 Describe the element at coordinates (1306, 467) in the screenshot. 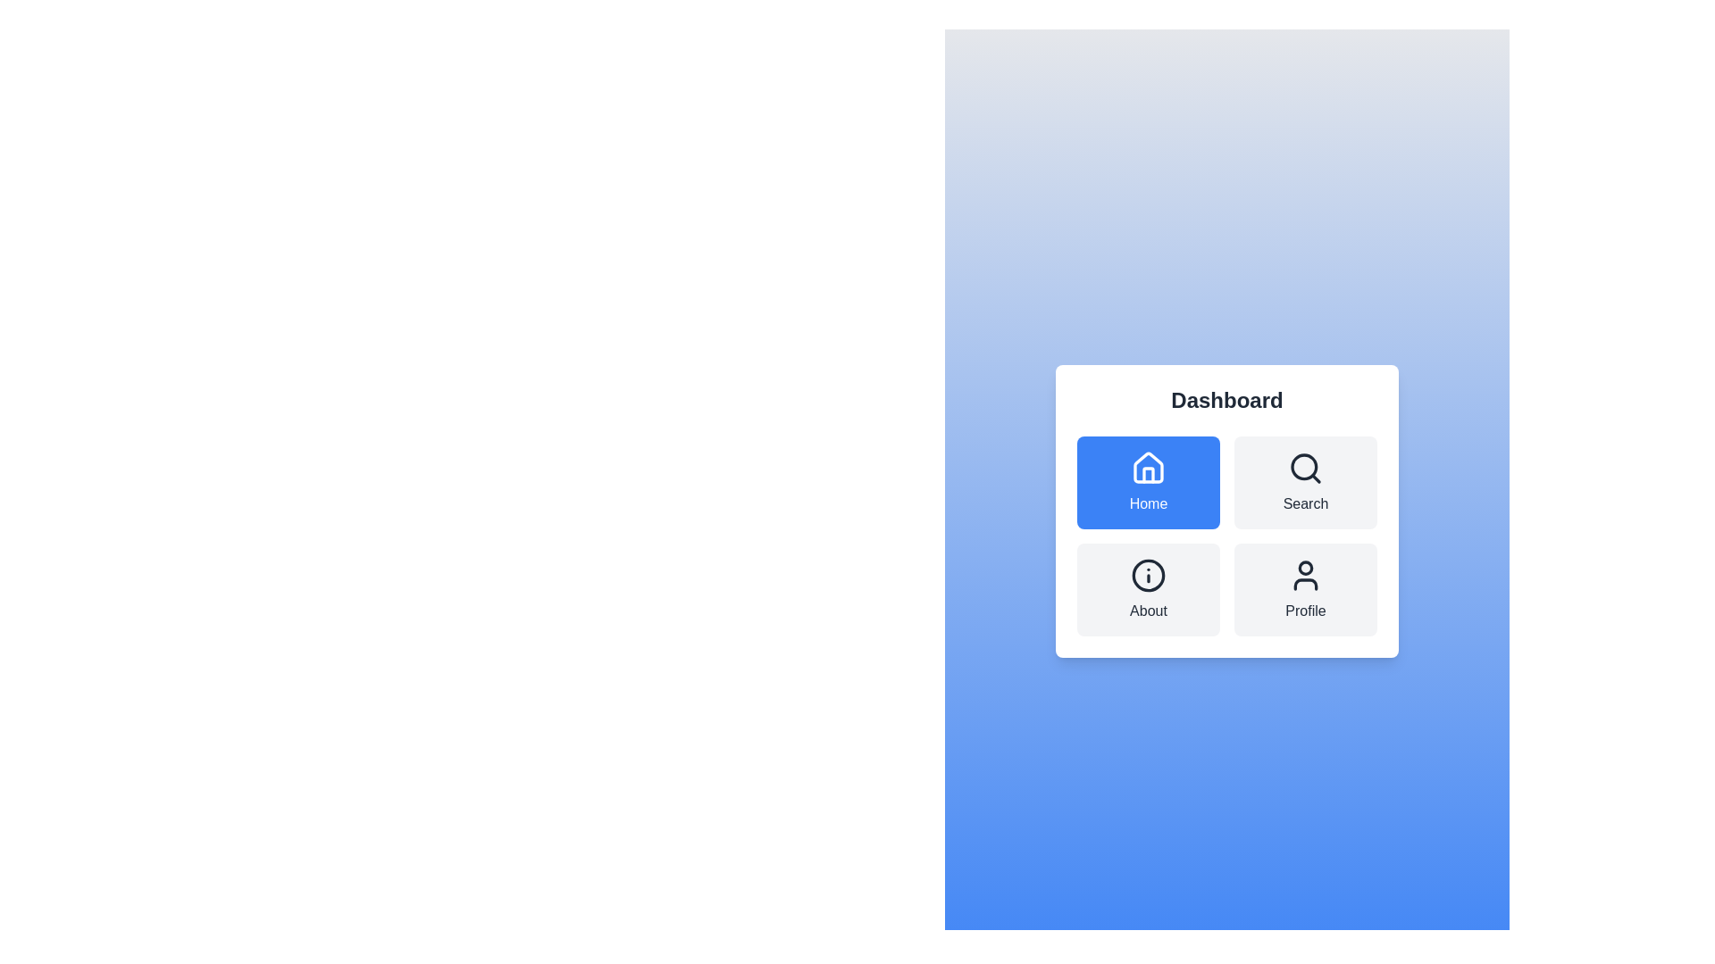

I see `the magnifying glass icon, which is styled in a dark color and located above the text 'Search' in the button group` at that location.